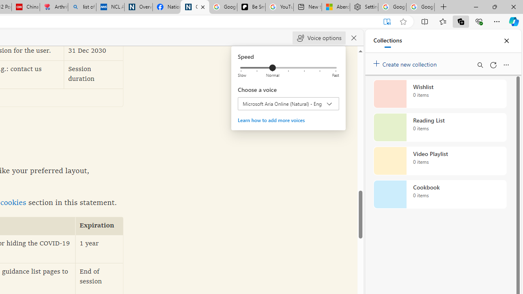 The width and height of the screenshot is (523, 294). Describe the element at coordinates (318, 38) in the screenshot. I see `'Voice options'` at that location.